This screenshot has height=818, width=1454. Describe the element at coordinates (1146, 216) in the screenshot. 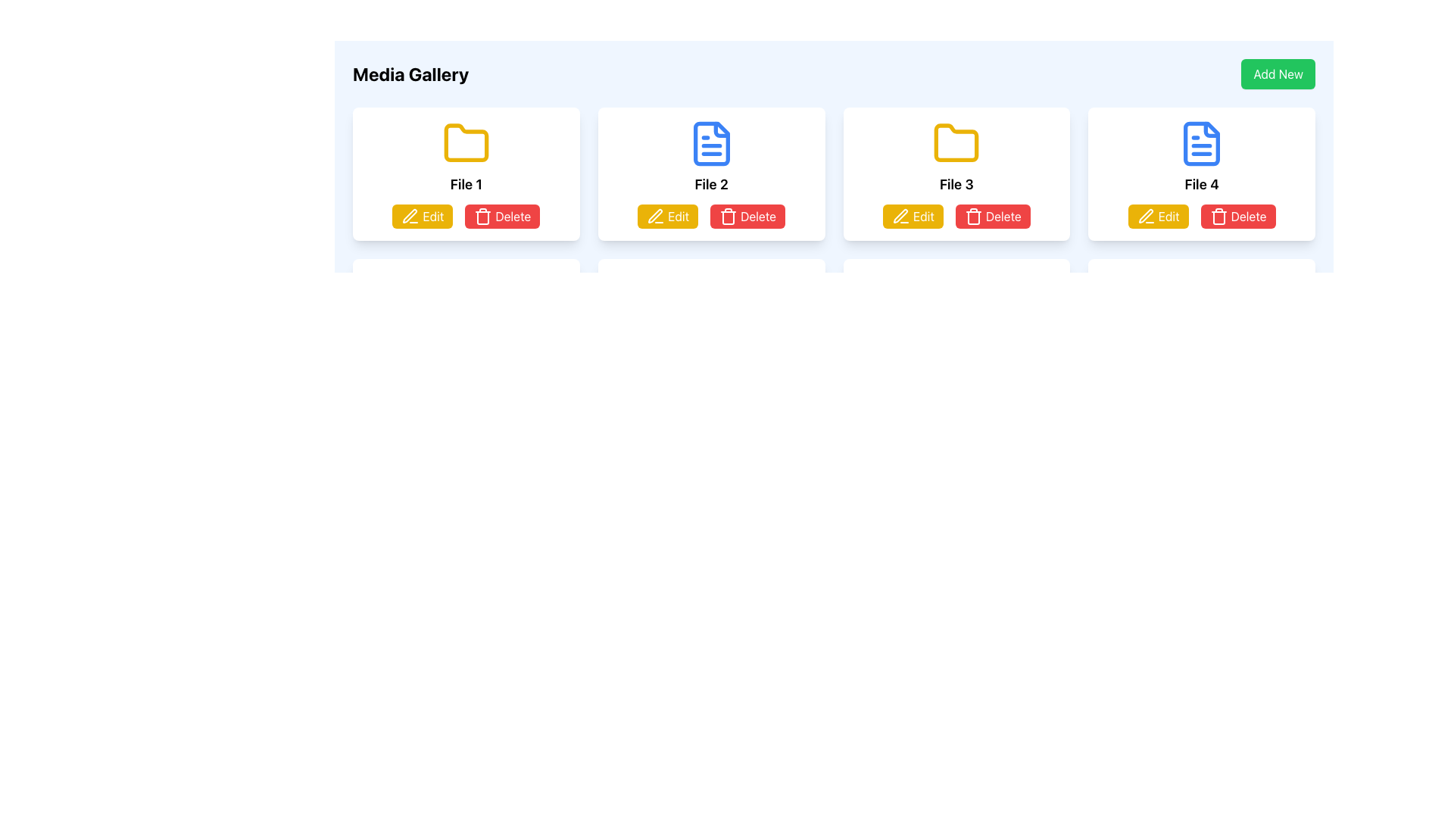

I see `the pen icon located inside the 'Edit' button of the 'File 4' section in the Media Gallery interface` at that location.